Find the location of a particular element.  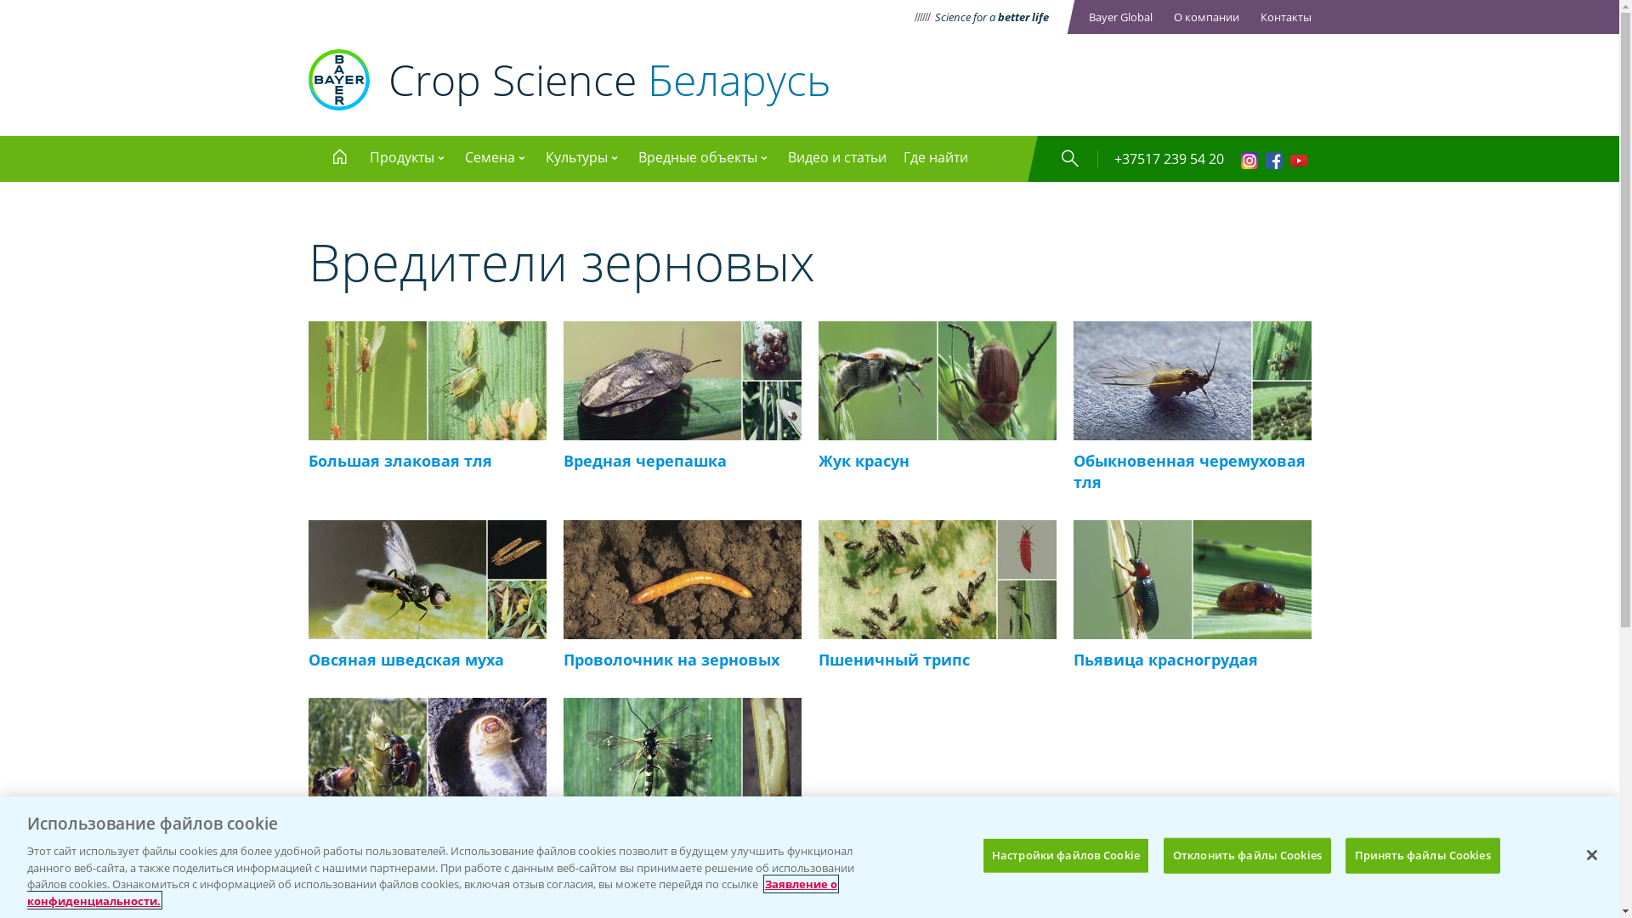

'Bayer Global' is located at coordinates (1119, 16).